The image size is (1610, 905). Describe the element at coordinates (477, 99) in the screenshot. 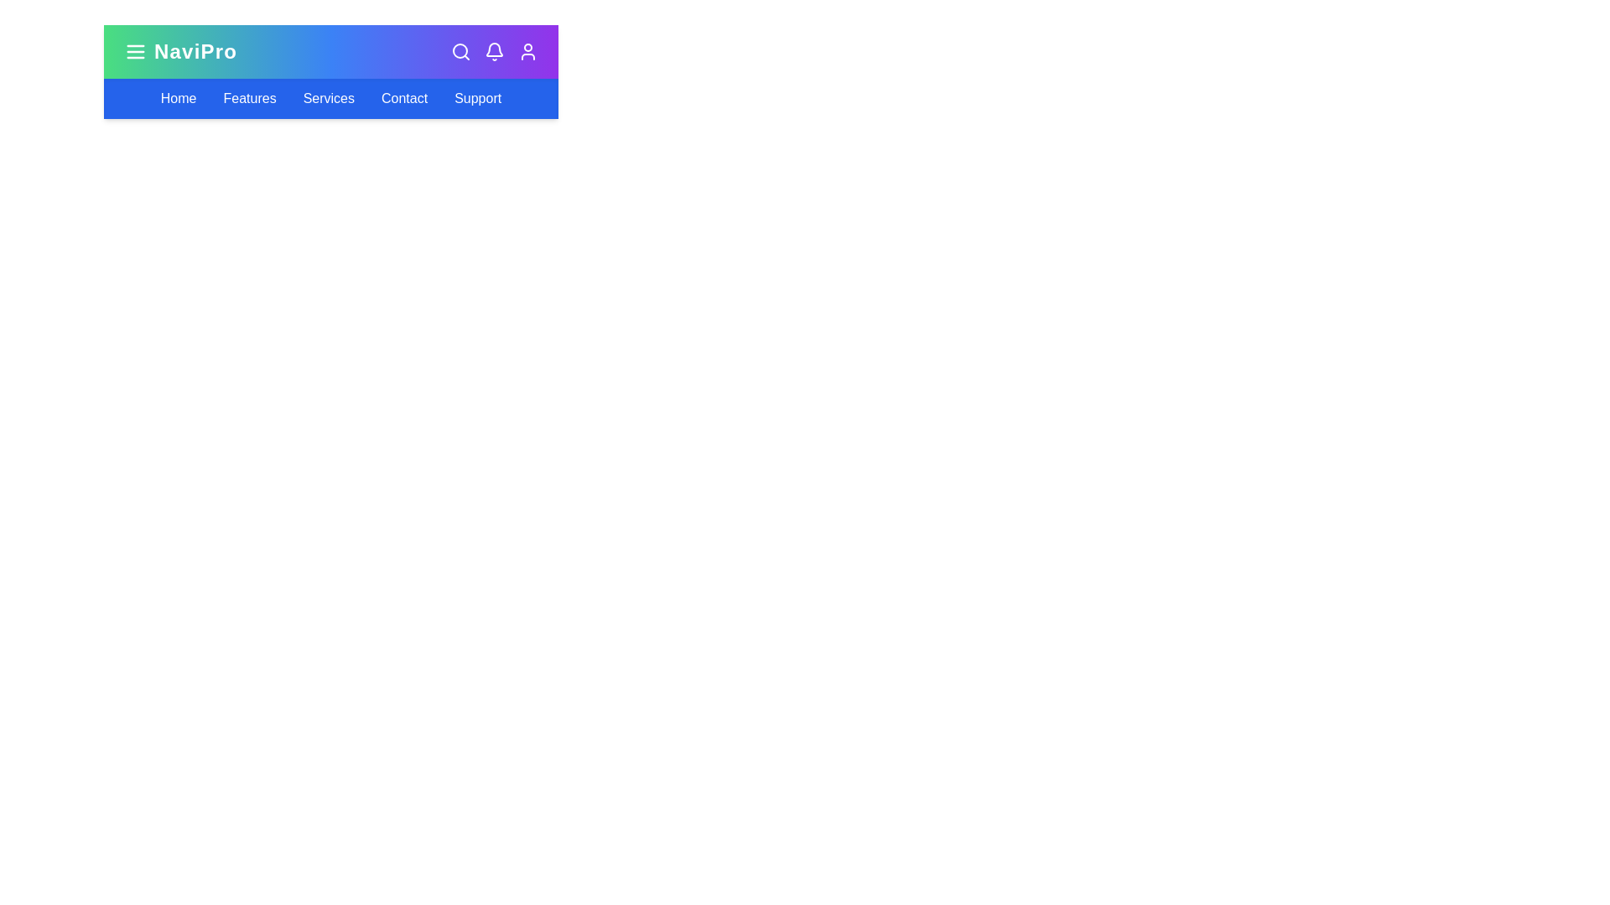

I see `the Support navigation link in the navigation bar` at that location.